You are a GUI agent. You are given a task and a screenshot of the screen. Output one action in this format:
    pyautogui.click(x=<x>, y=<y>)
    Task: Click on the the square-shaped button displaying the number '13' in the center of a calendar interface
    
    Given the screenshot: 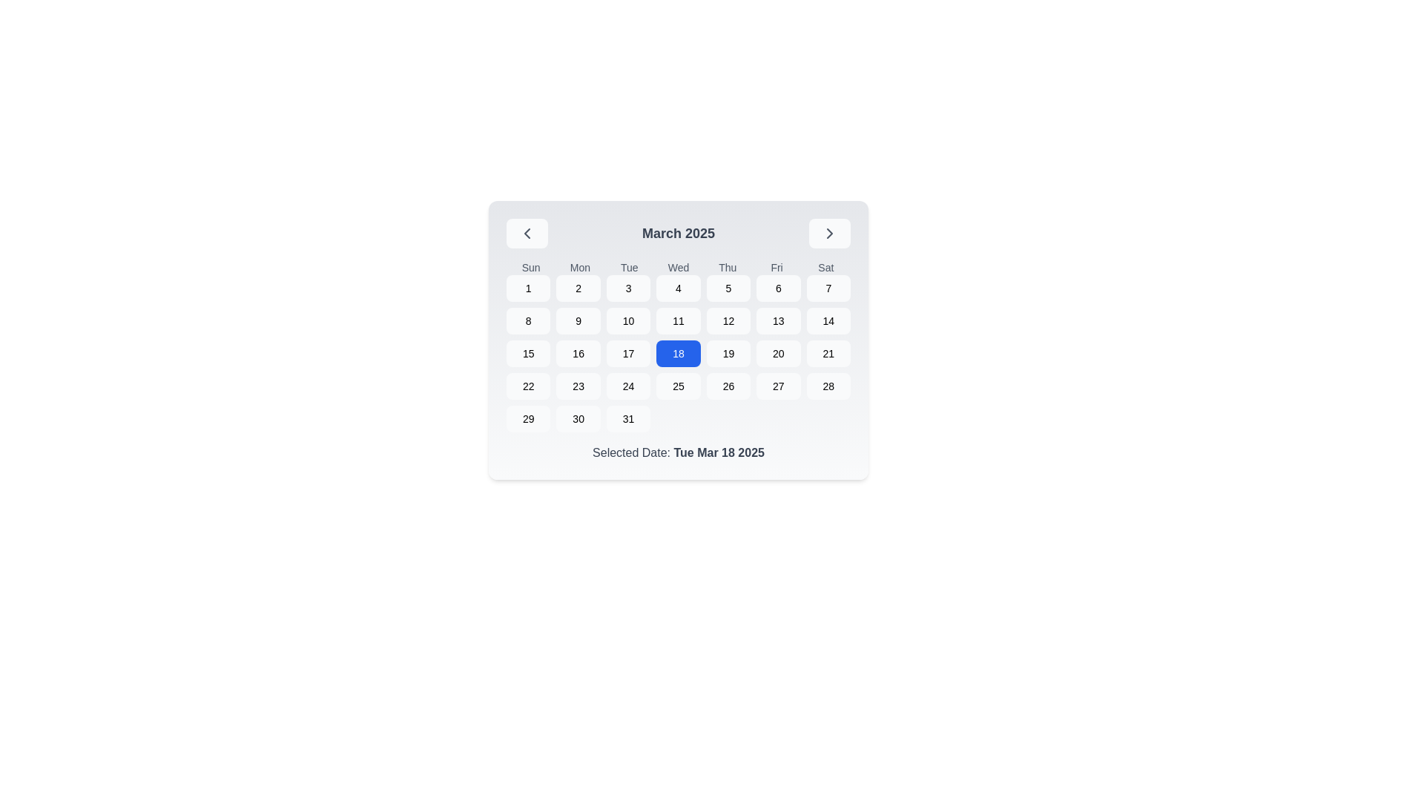 What is the action you would take?
    pyautogui.click(x=777, y=320)
    